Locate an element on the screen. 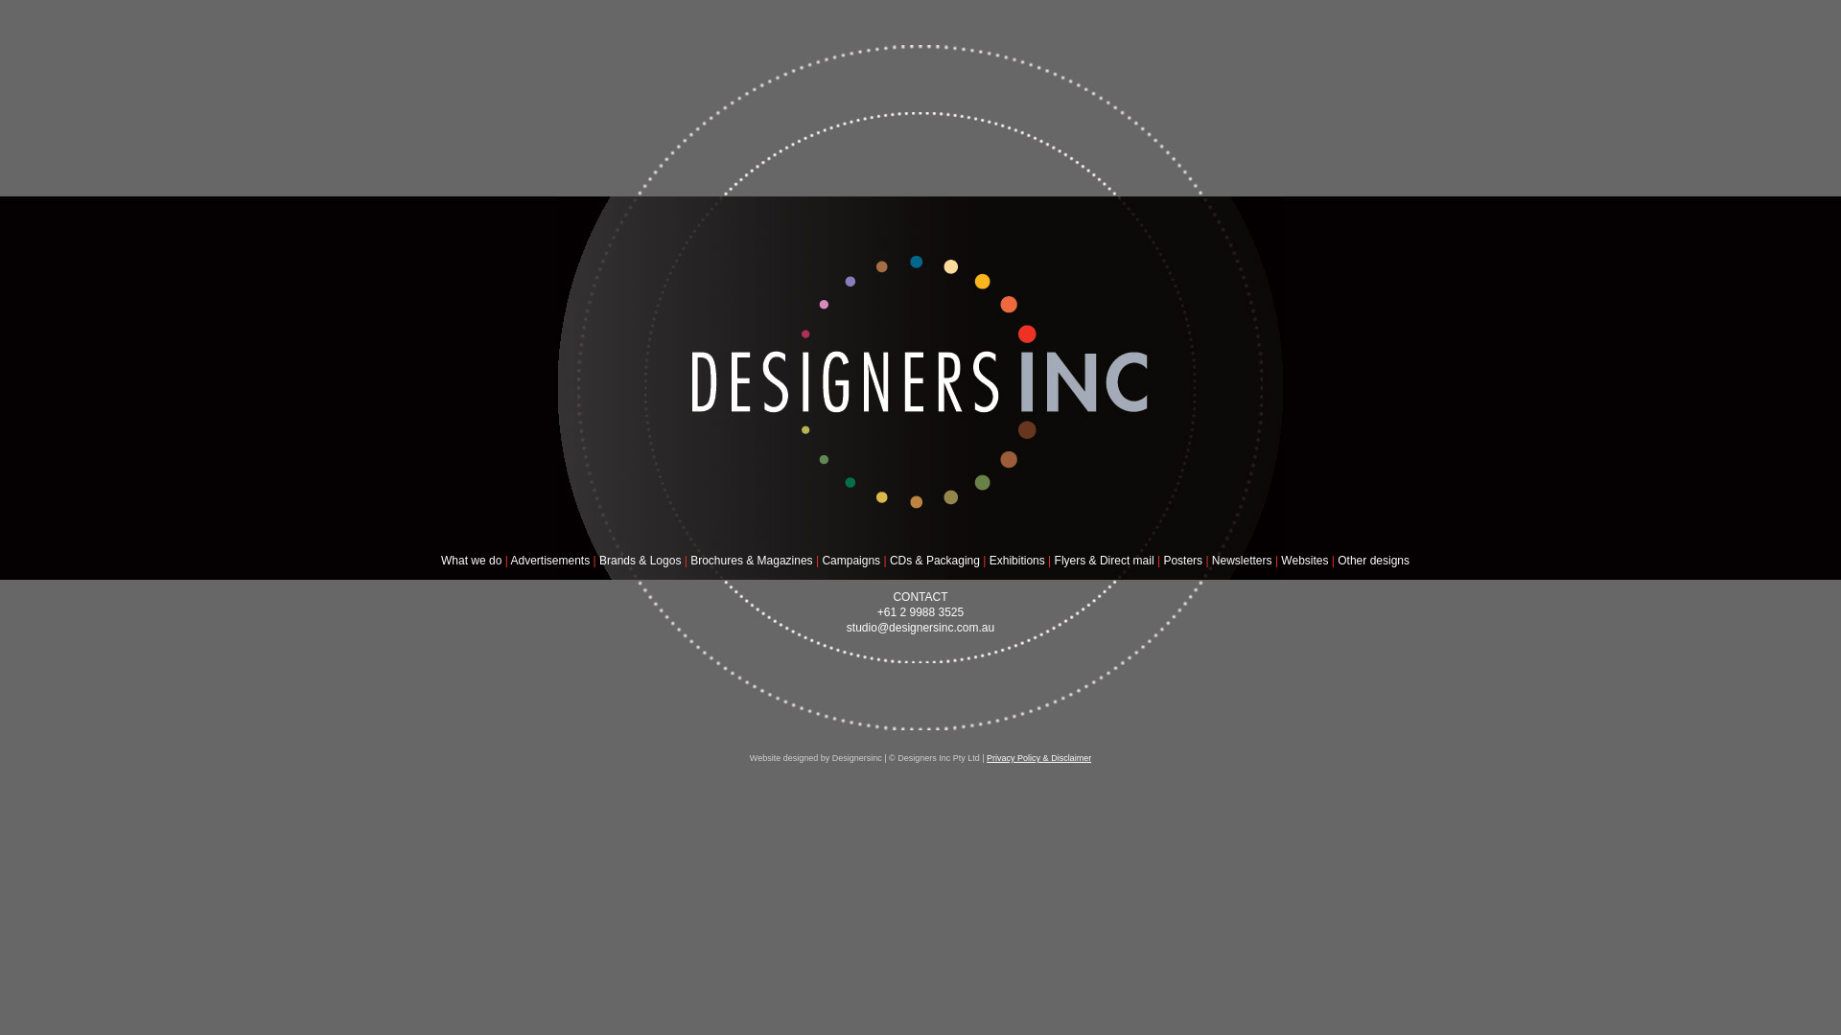  'Exhibitions' is located at coordinates (990, 561).